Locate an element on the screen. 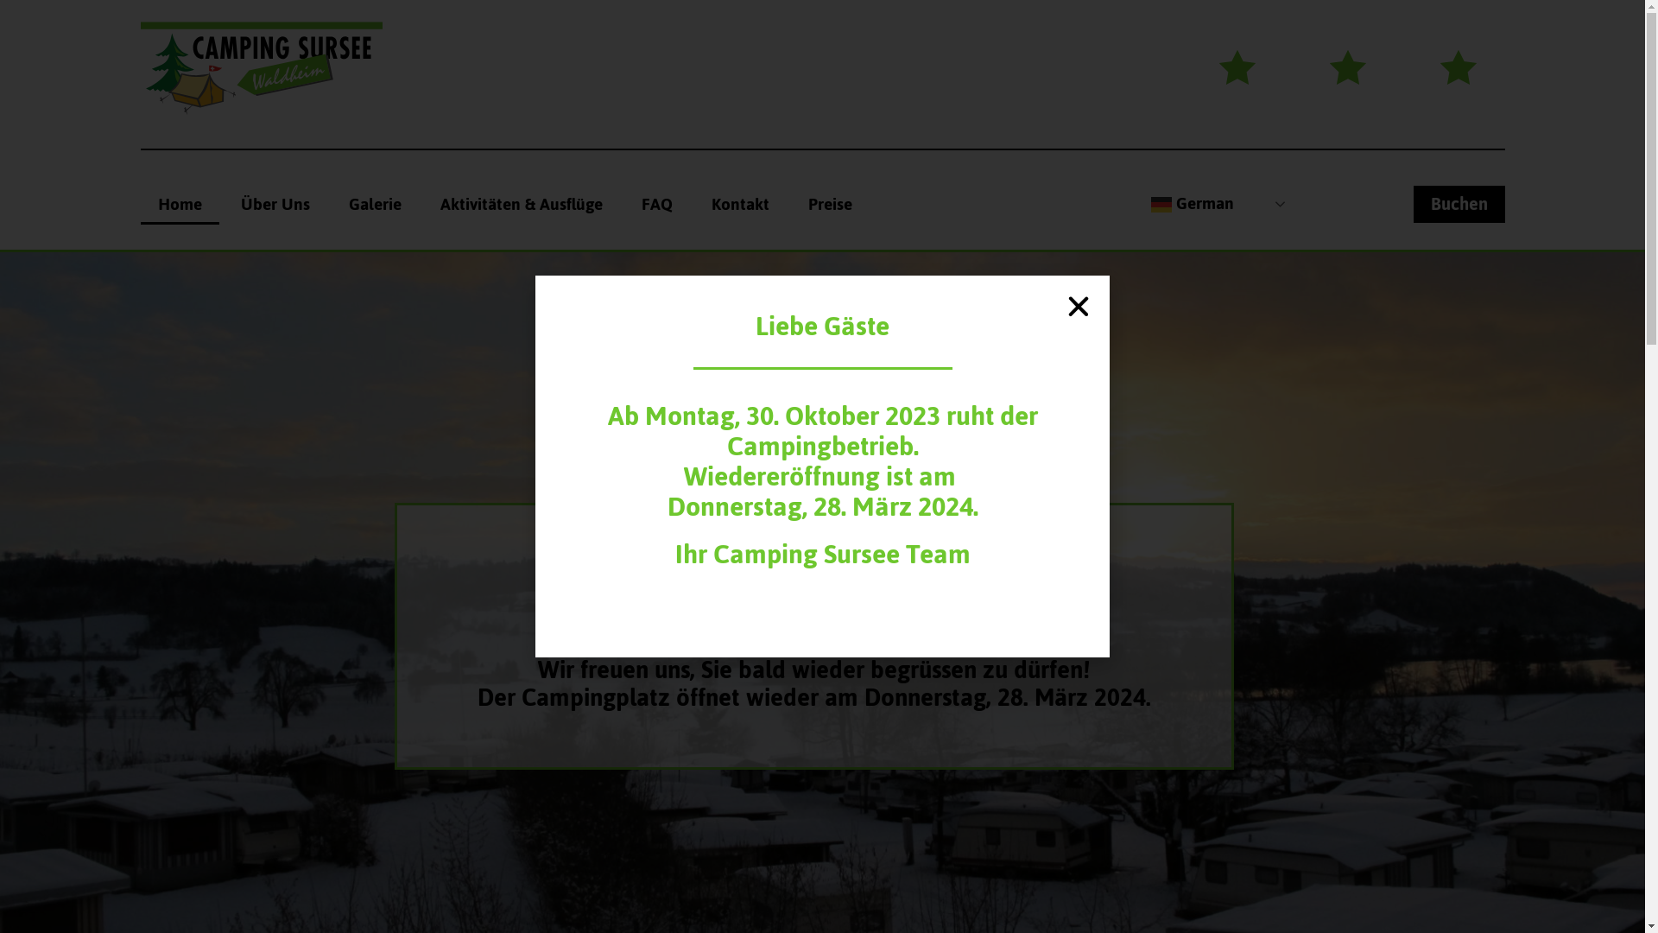  'FAQ' is located at coordinates (655, 203).